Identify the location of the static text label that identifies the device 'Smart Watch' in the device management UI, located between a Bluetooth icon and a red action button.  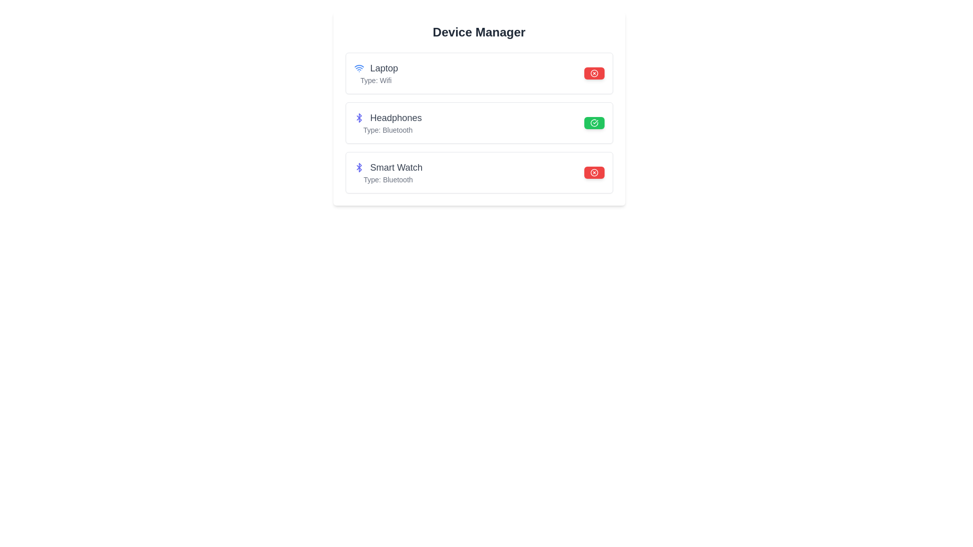
(396, 167).